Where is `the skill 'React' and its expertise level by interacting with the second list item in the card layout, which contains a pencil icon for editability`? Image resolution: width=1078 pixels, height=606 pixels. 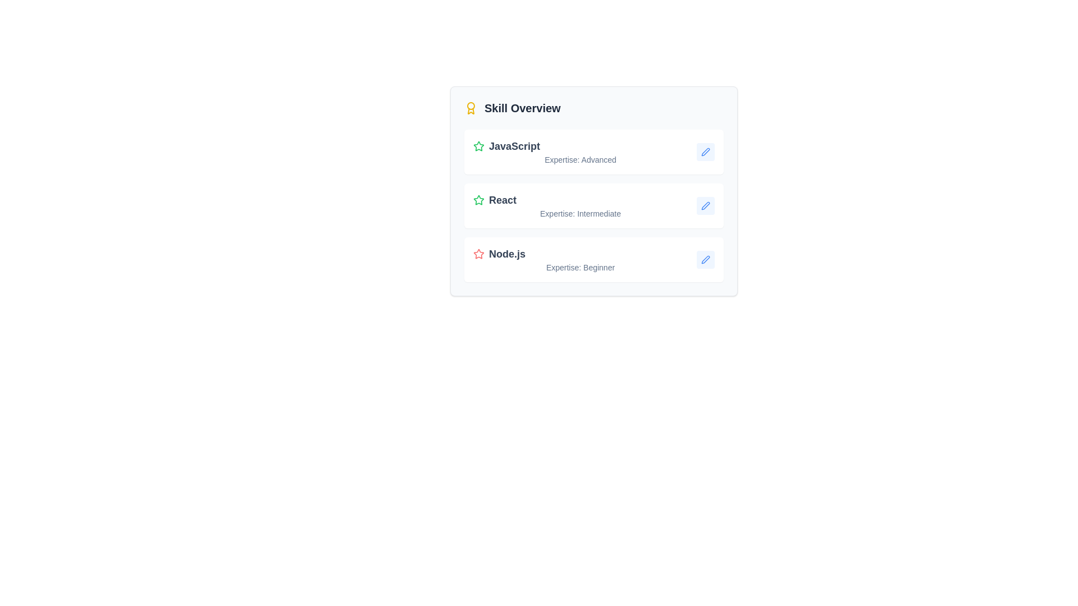 the skill 'React' and its expertise level by interacting with the second list item in the card layout, which contains a pencil icon for editability is located at coordinates (593, 205).